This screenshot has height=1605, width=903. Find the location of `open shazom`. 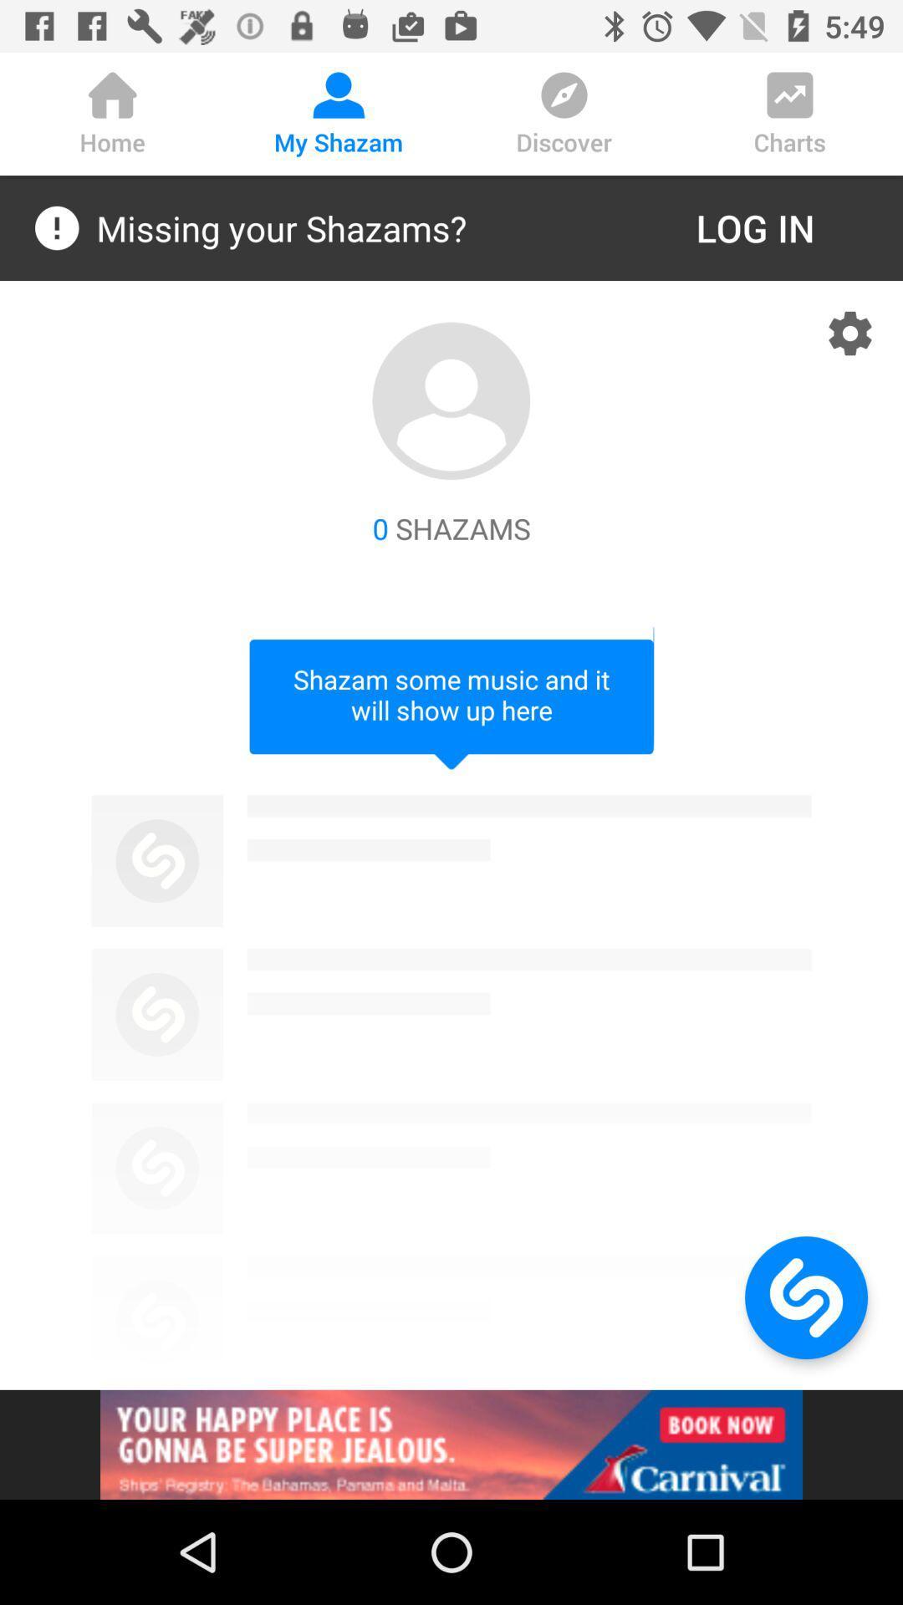

open shazom is located at coordinates (805, 1297).